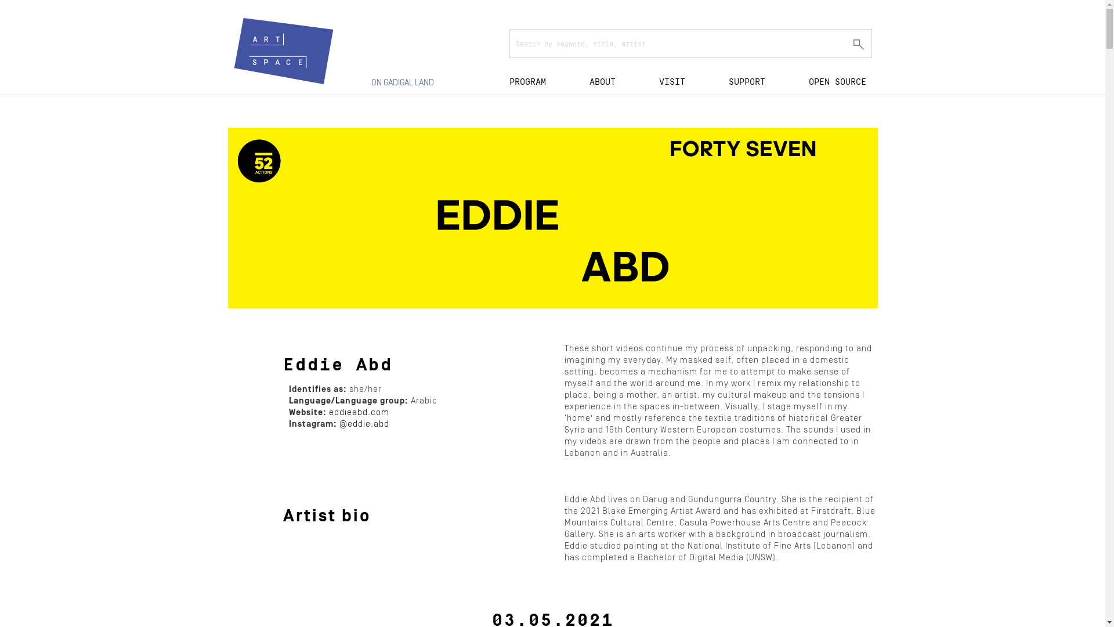  Describe the element at coordinates (747, 80) in the screenshot. I see `'SUPPORT'` at that location.